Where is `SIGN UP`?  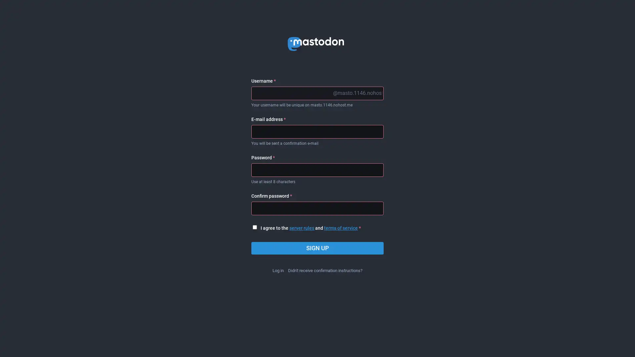
SIGN UP is located at coordinates (317, 248).